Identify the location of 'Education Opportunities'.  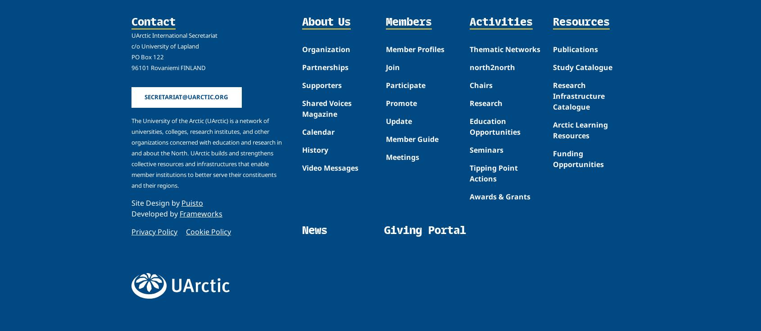
(494, 126).